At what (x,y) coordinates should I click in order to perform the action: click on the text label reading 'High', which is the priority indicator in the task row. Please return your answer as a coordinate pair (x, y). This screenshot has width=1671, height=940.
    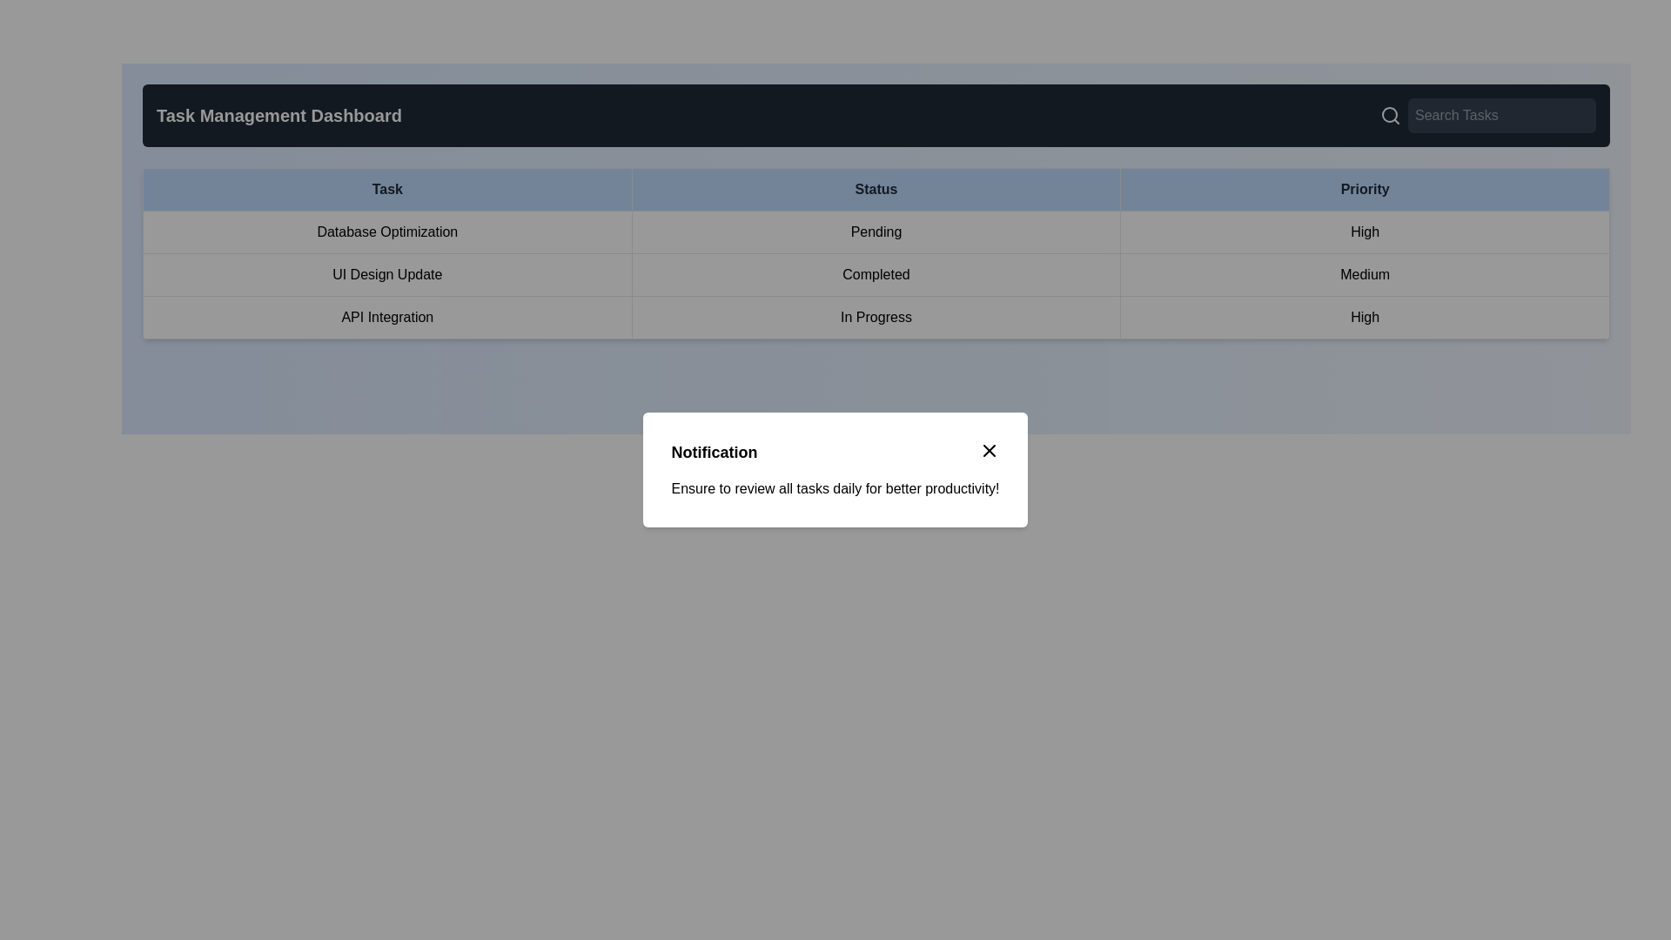
    Looking at the image, I should click on (1364, 231).